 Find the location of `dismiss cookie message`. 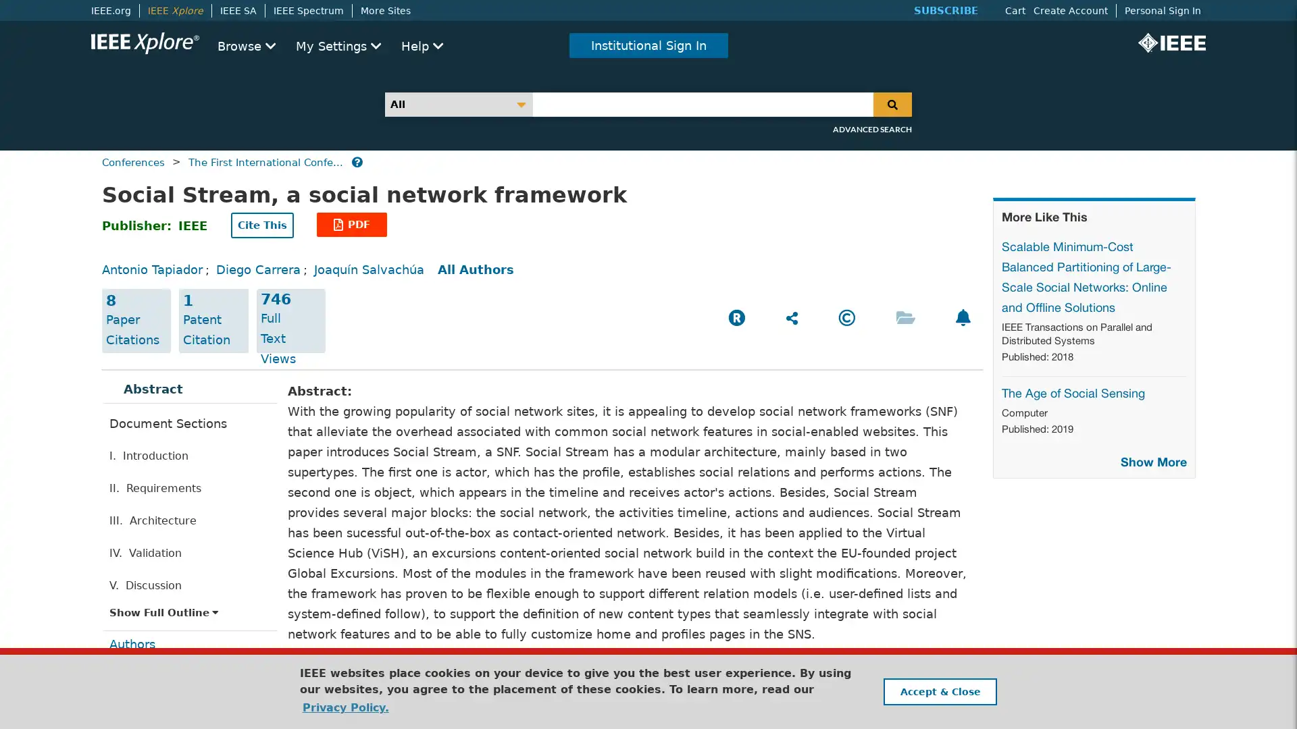

dismiss cookie message is located at coordinates (939, 691).